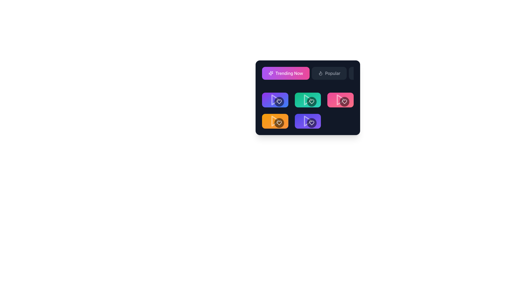 This screenshot has height=290, width=516. I want to click on the heart-shaped interactive button with a semi-transparent black background located at the top-right corner of the video thumbnail card, so click(279, 123).